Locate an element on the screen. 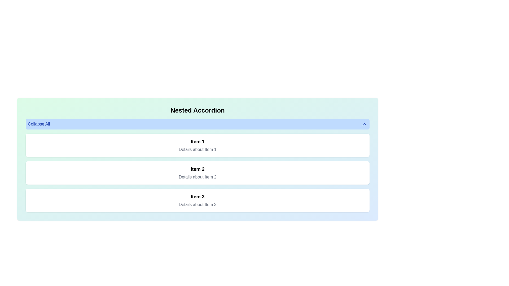  the list item 3 is located at coordinates (197, 200).